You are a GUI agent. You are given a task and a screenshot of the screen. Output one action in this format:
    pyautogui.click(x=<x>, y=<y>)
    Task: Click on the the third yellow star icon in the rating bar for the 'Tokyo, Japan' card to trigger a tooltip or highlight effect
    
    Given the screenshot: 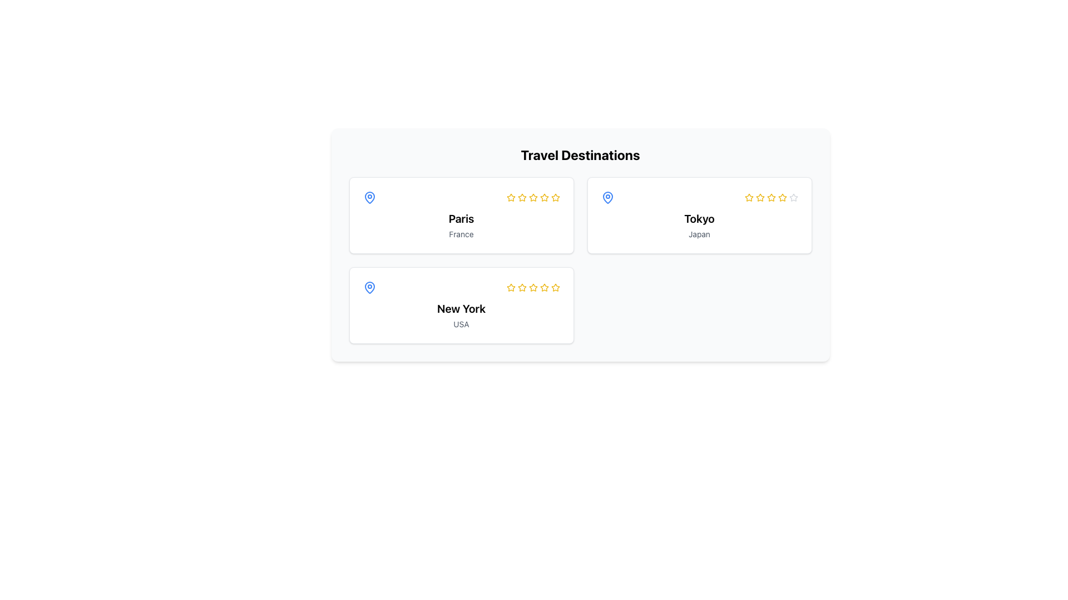 What is the action you would take?
    pyautogui.click(x=759, y=197)
    